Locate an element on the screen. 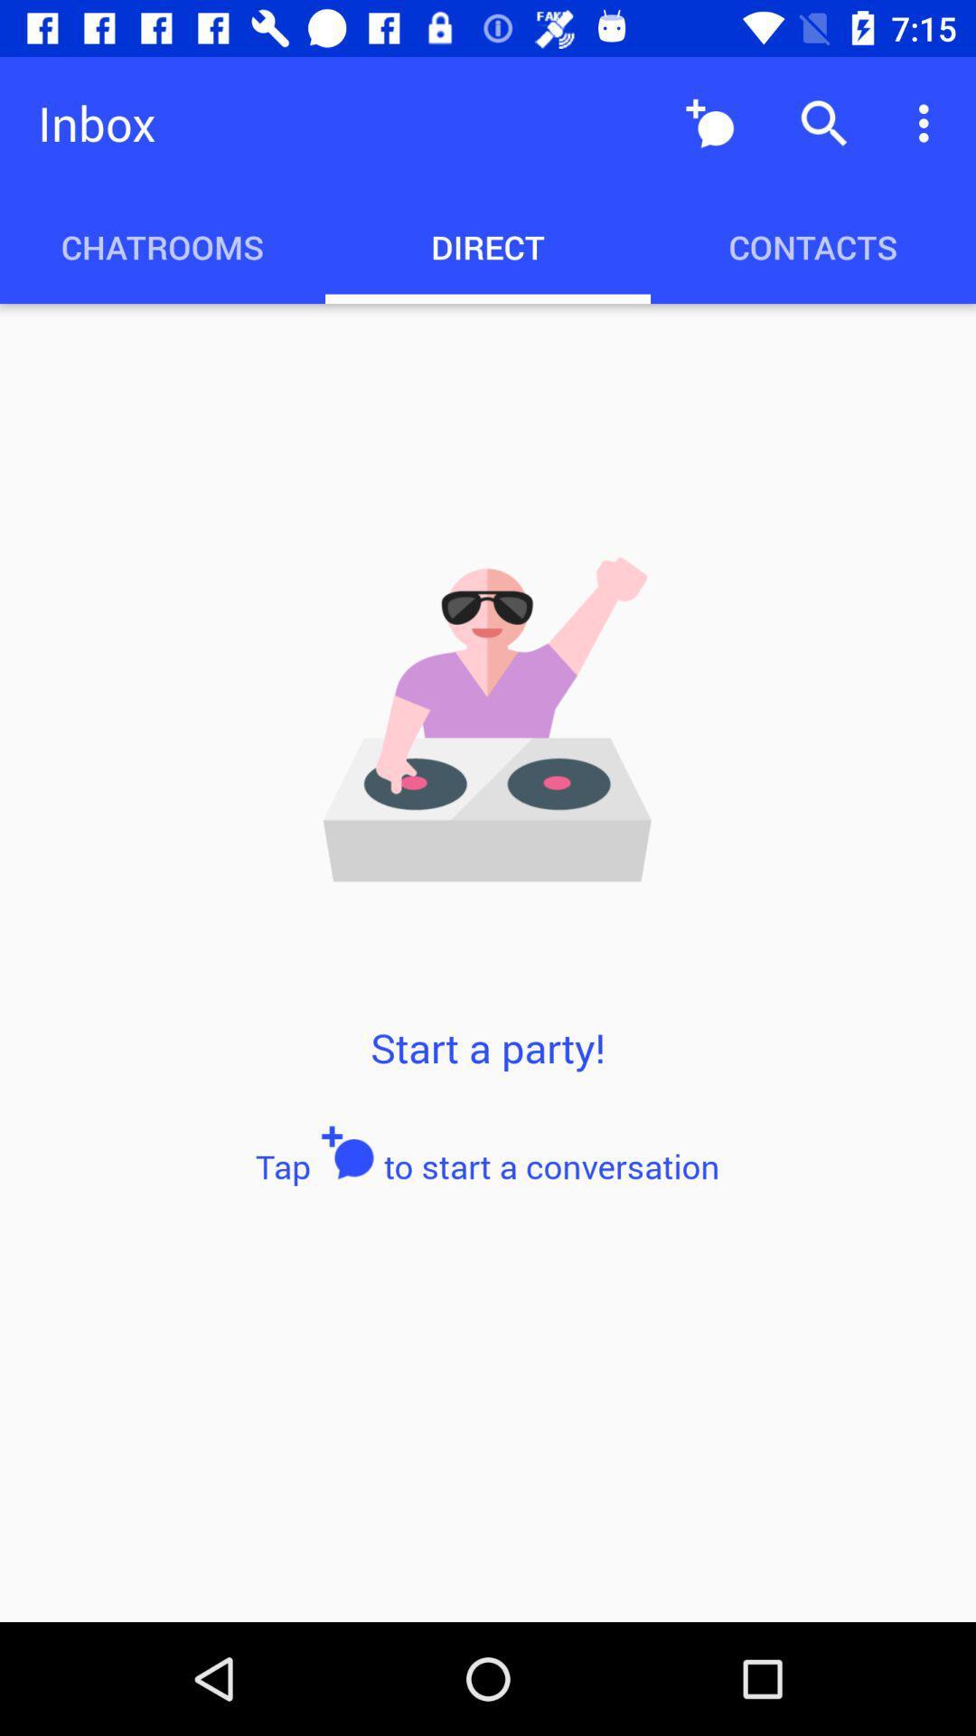  the icon next to the inbox is located at coordinates (709, 122).